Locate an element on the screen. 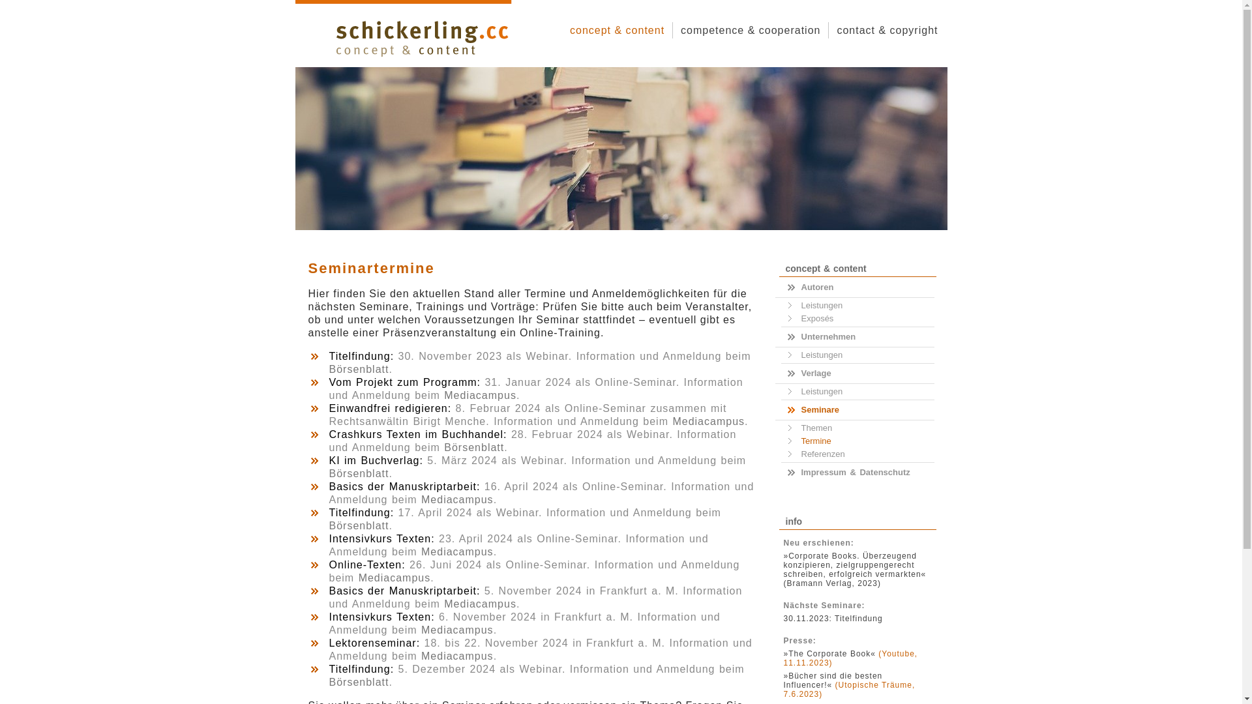 This screenshot has height=704, width=1252. 'Autoren' is located at coordinates (857, 286).